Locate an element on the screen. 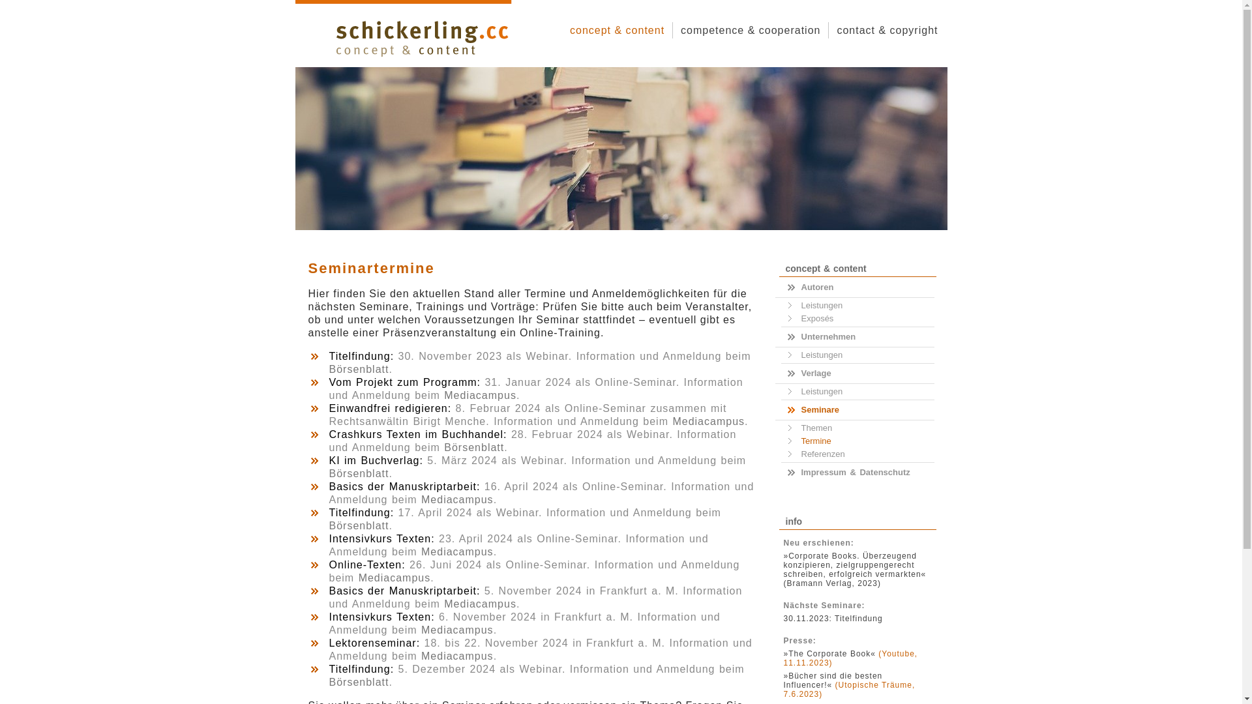 This screenshot has height=704, width=1252. 'Autoren' is located at coordinates (857, 286).